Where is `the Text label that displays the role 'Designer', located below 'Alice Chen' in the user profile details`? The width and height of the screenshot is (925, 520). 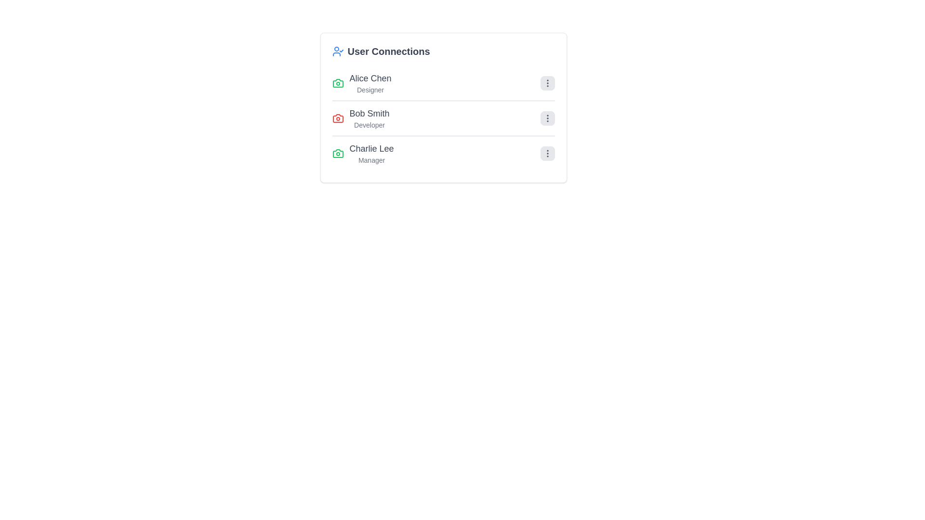
the Text label that displays the role 'Designer', located below 'Alice Chen' in the user profile details is located at coordinates (370, 90).